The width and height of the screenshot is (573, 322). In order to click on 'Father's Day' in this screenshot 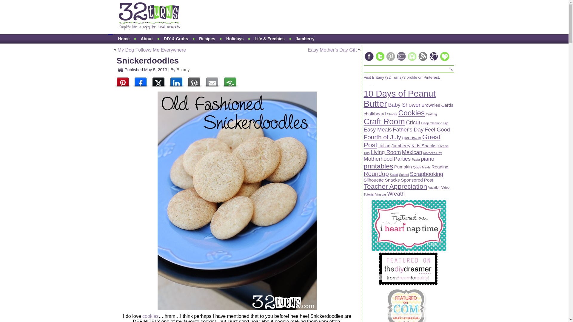, I will do `click(408, 129)`.